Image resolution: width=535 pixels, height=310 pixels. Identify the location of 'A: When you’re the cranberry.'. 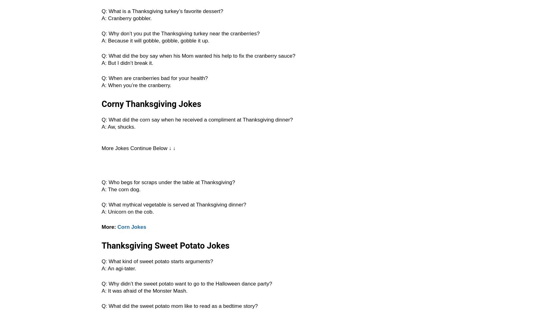
(136, 85).